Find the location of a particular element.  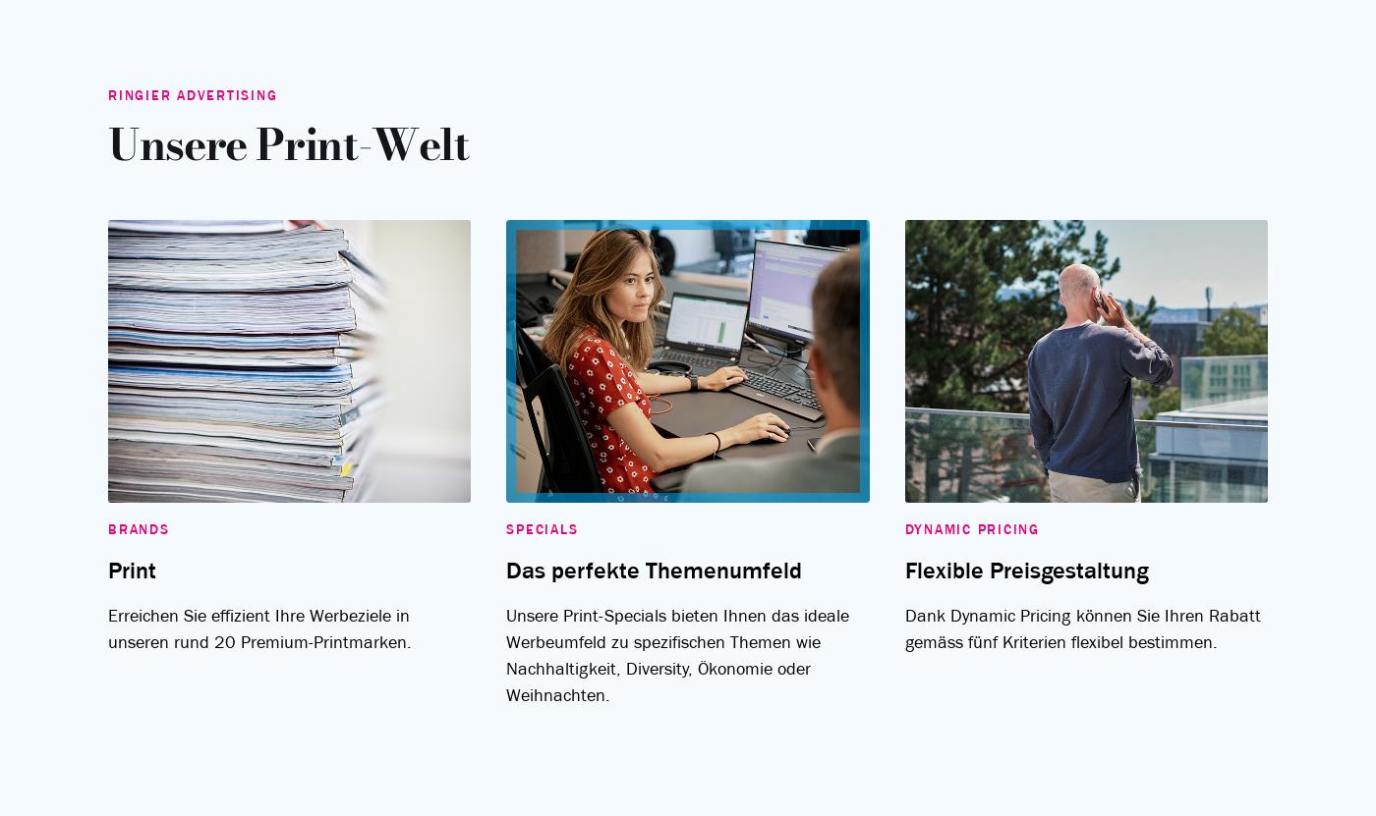

'Über unsere Werbung' is located at coordinates (955, 405).